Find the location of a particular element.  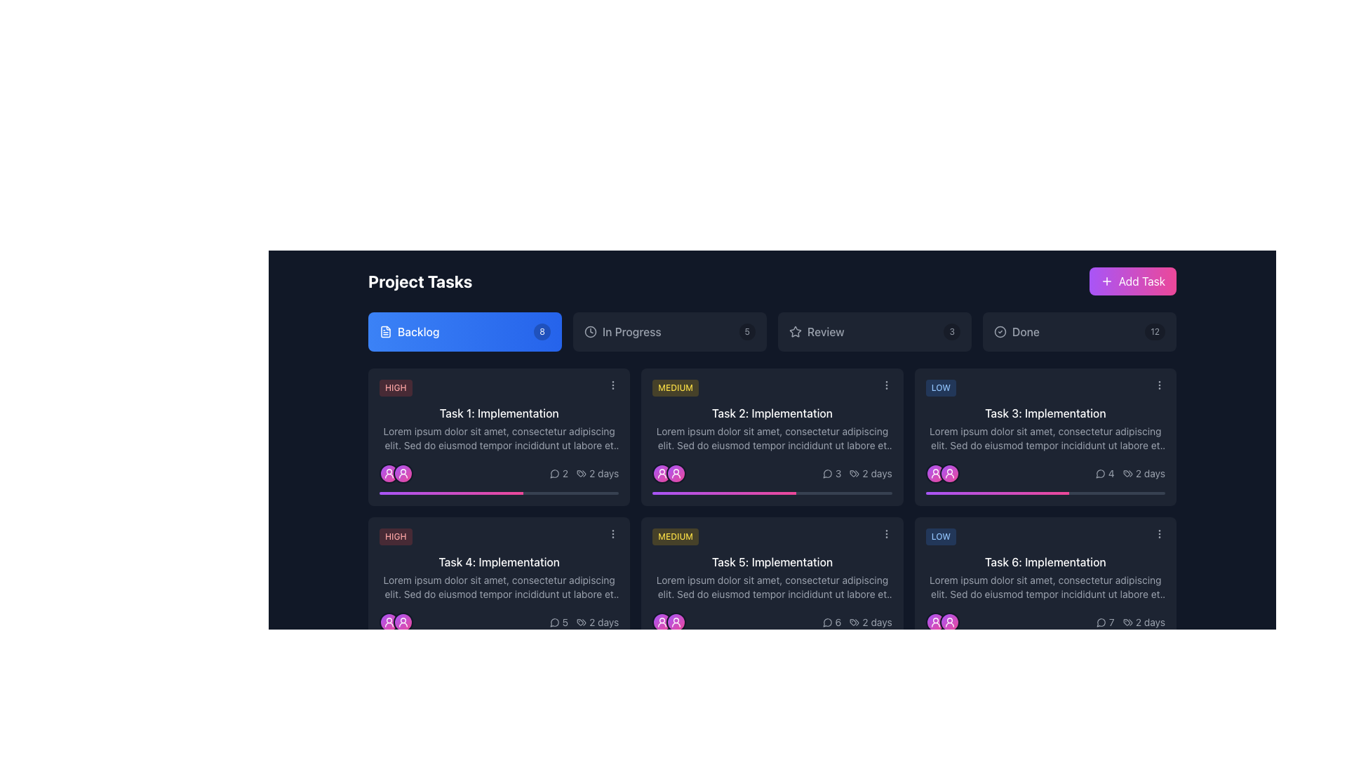

the user silhouette icon located at the bottom-right corner of the card labeled 'Task 5: Implementation' is located at coordinates (676, 622).